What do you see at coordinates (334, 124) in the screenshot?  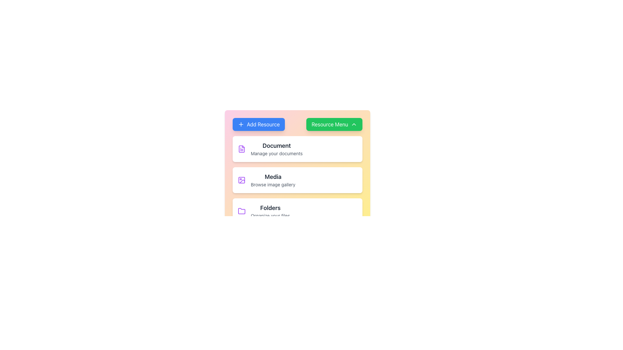 I see `the button located at the top right of the horizontal section, which provides access to a dropdown or navigation menu for resource-related actions` at bounding box center [334, 124].